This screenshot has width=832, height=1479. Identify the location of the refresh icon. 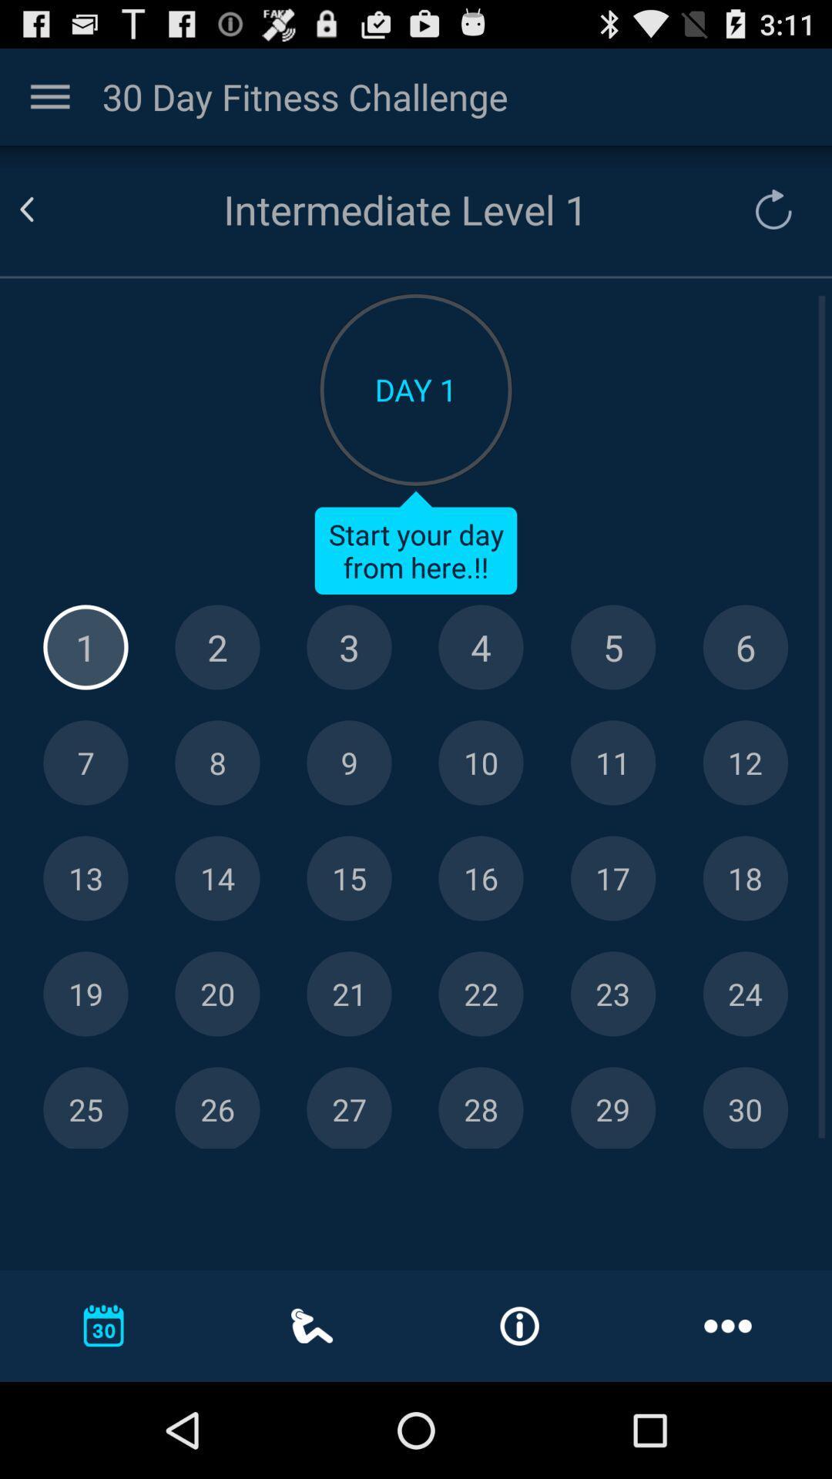
(766, 223).